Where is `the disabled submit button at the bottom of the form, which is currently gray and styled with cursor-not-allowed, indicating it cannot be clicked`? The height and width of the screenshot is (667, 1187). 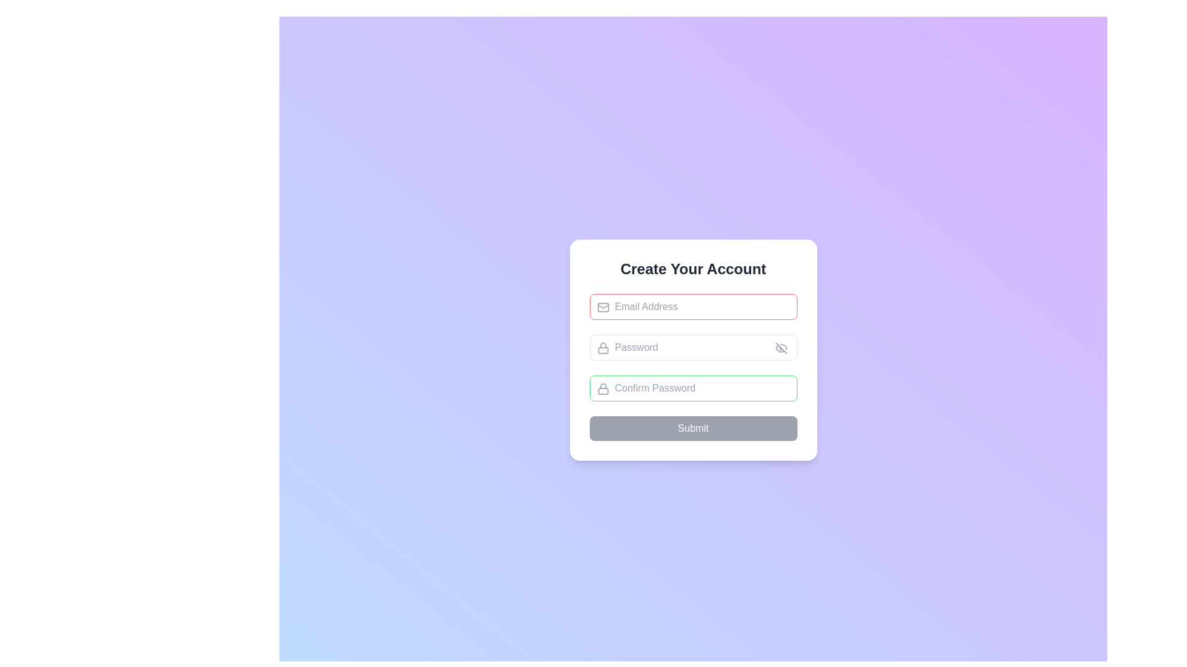
the disabled submit button at the bottom of the form, which is currently gray and styled with cursor-not-allowed, indicating it cannot be clicked is located at coordinates (693, 428).